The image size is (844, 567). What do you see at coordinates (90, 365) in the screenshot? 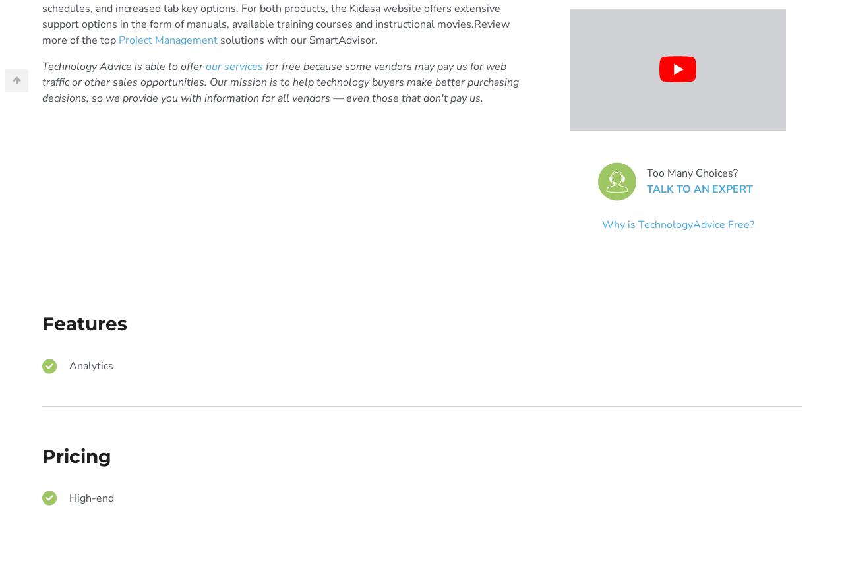
I see `'Analytics'` at bounding box center [90, 365].